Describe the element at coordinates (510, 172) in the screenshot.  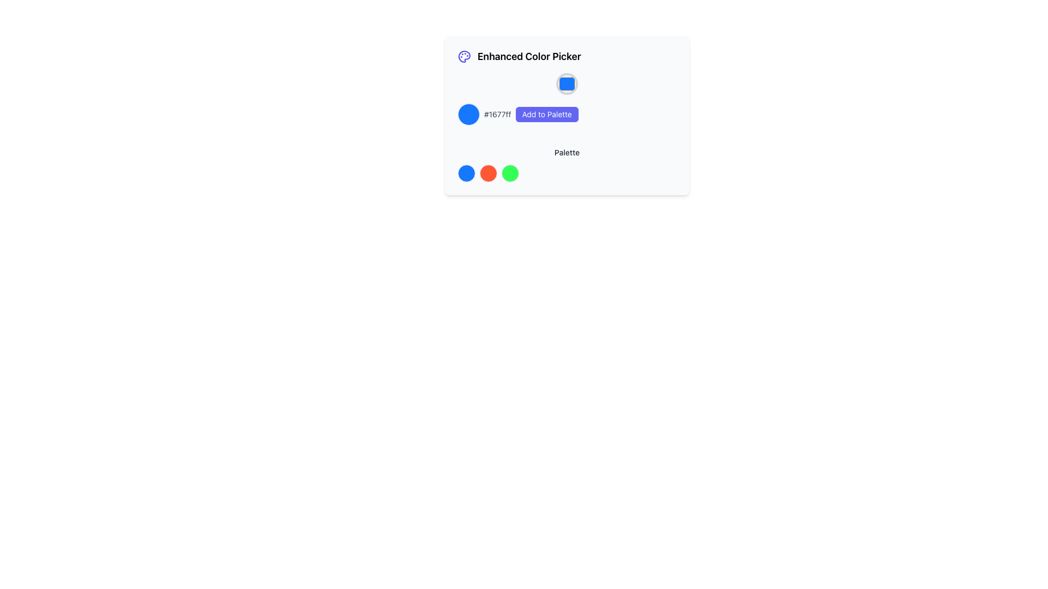
I see `the vibrant green circular color selection icon located in the third slot from the left among a row of similar icons` at that location.